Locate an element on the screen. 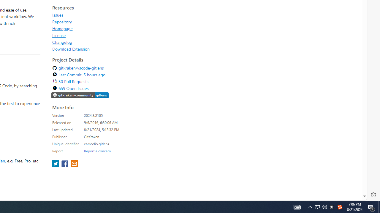  'License' is located at coordinates (59, 35).